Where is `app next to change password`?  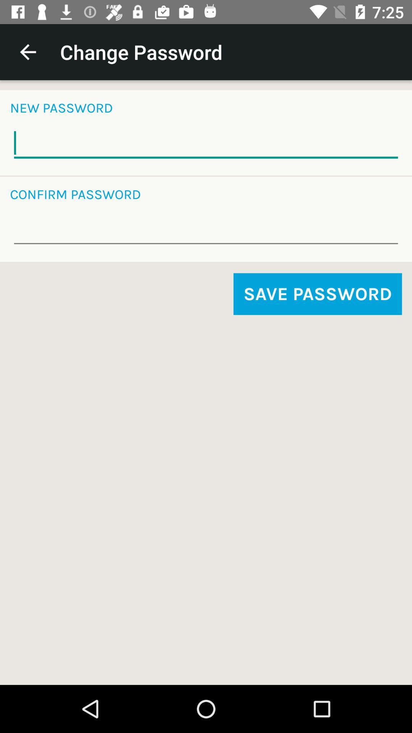 app next to change password is located at coordinates (27, 52).